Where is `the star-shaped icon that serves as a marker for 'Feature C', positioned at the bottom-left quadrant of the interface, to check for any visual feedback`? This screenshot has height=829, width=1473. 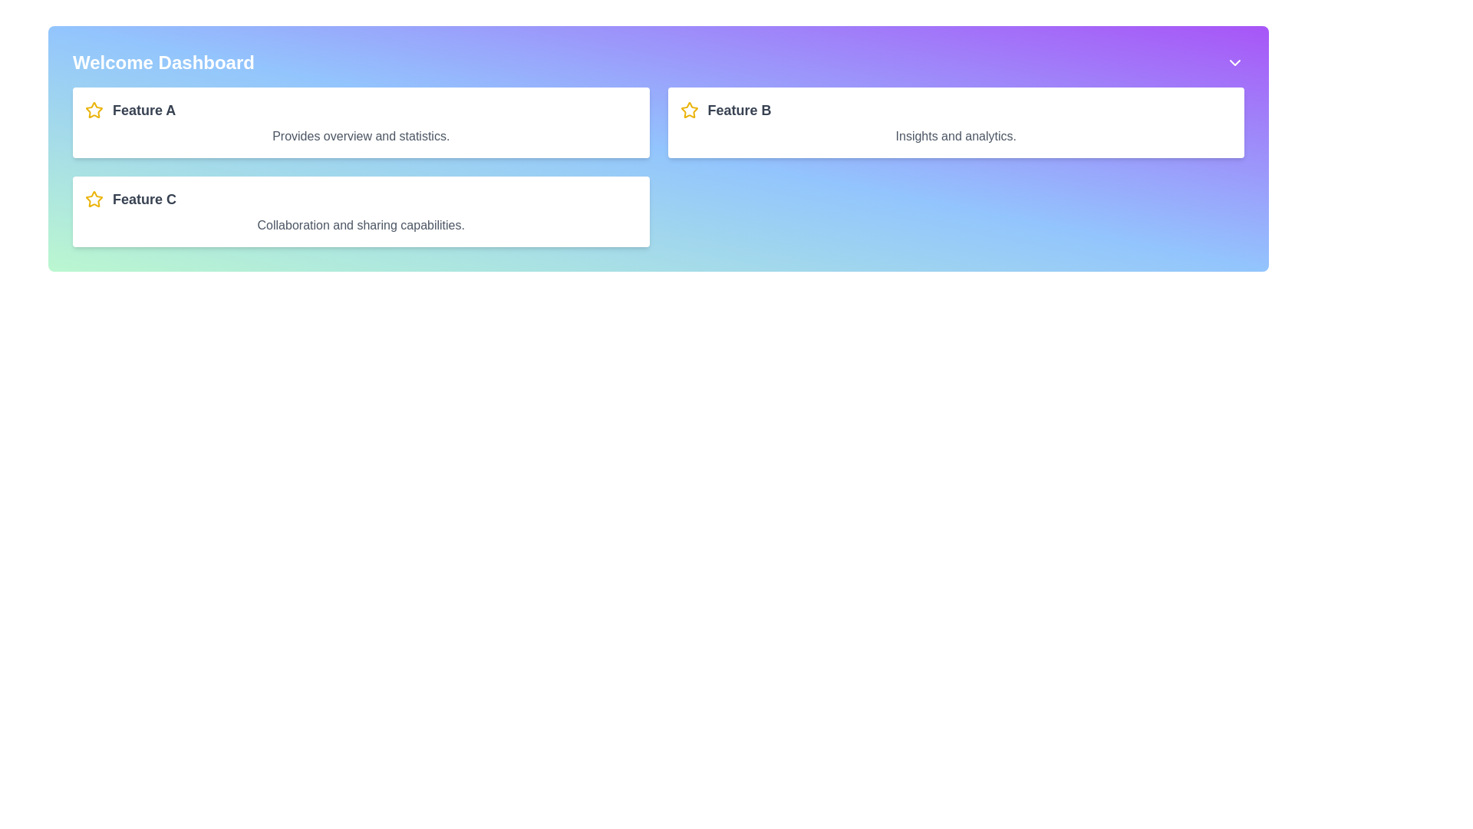
the star-shaped icon that serves as a marker for 'Feature C', positioned at the bottom-left quadrant of the interface, to check for any visual feedback is located at coordinates (94, 198).